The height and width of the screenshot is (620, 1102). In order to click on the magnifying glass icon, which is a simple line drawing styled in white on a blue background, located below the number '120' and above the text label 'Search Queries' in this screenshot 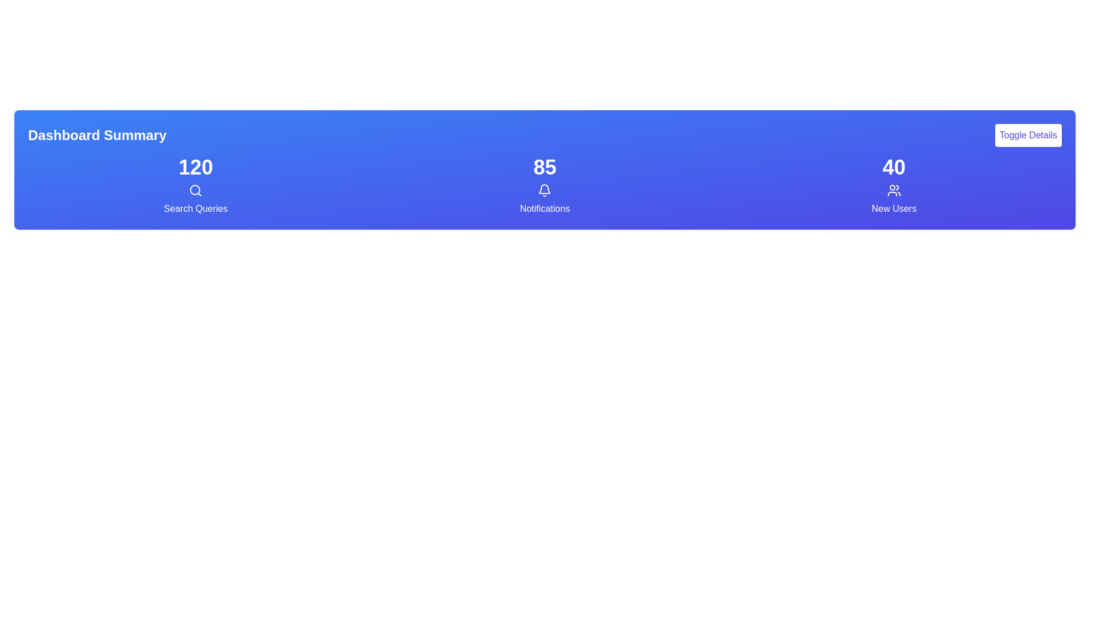, I will do `click(196, 189)`.